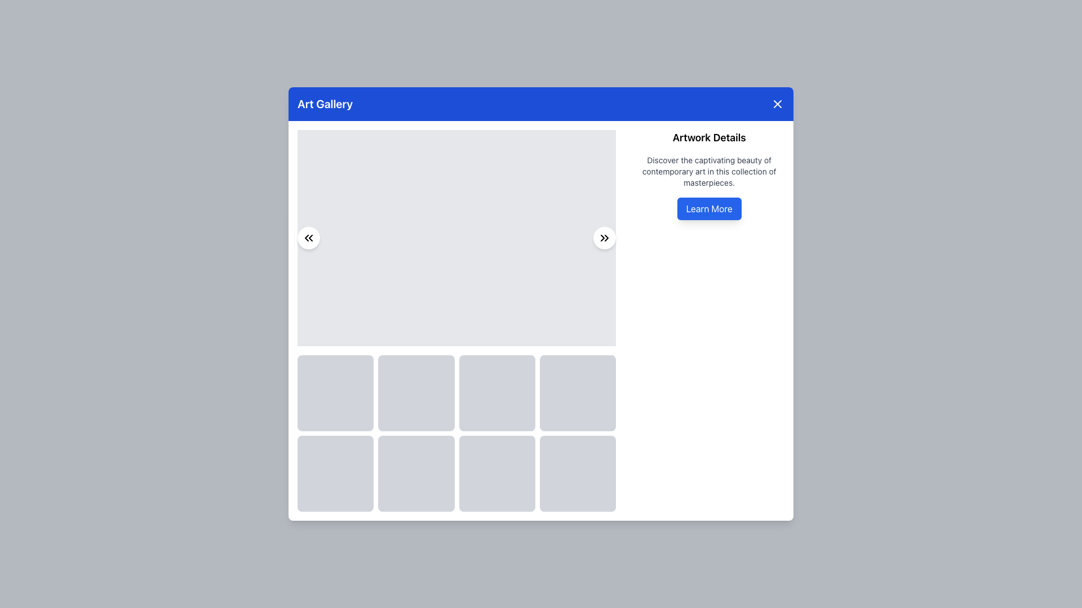 The height and width of the screenshot is (608, 1082). What do you see at coordinates (777, 104) in the screenshot?
I see `the close button located in the top-right corner of the blue header bar titled 'Art Gallery'` at bounding box center [777, 104].